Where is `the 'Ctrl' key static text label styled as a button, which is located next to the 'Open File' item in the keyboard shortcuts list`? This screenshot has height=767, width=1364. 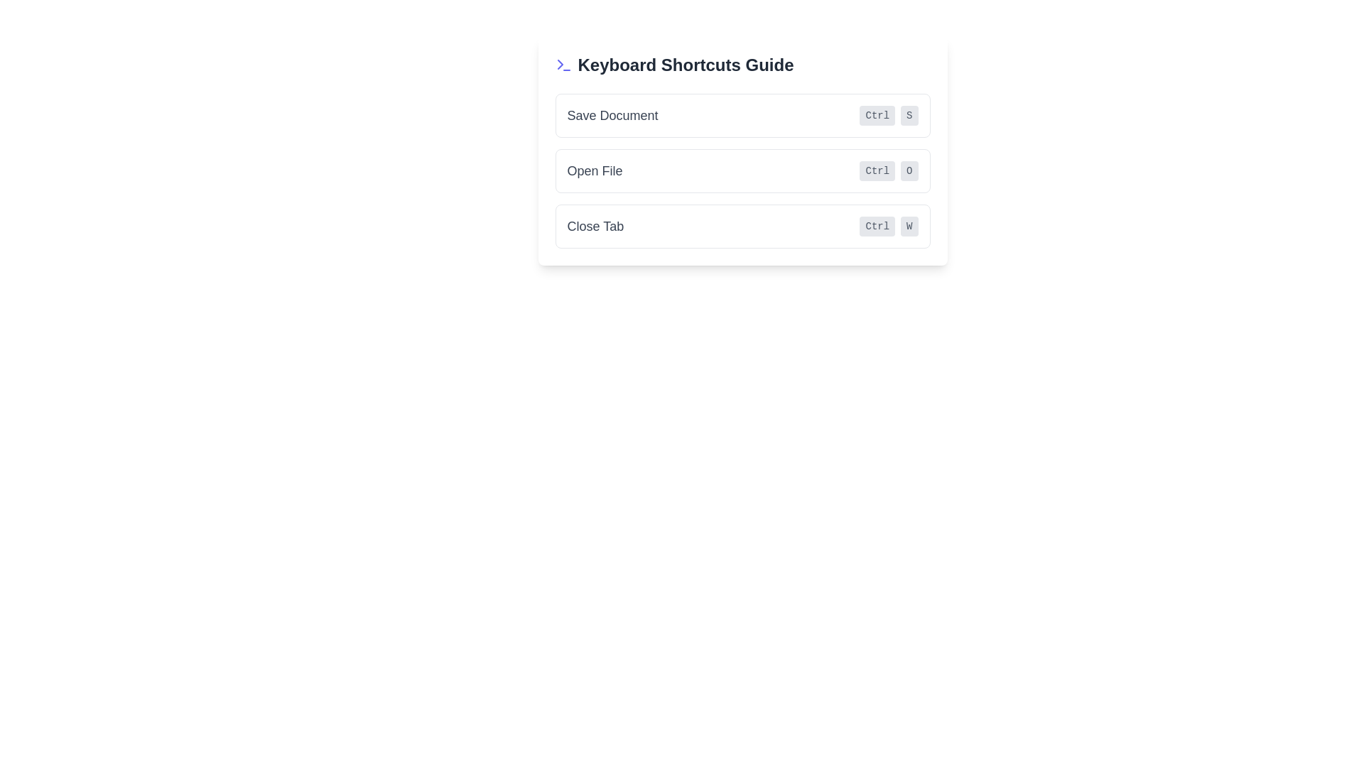
the 'Ctrl' key static text label styled as a button, which is located next to the 'Open File' item in the keyboard shortcuts list is located at coordinates (877, 170).